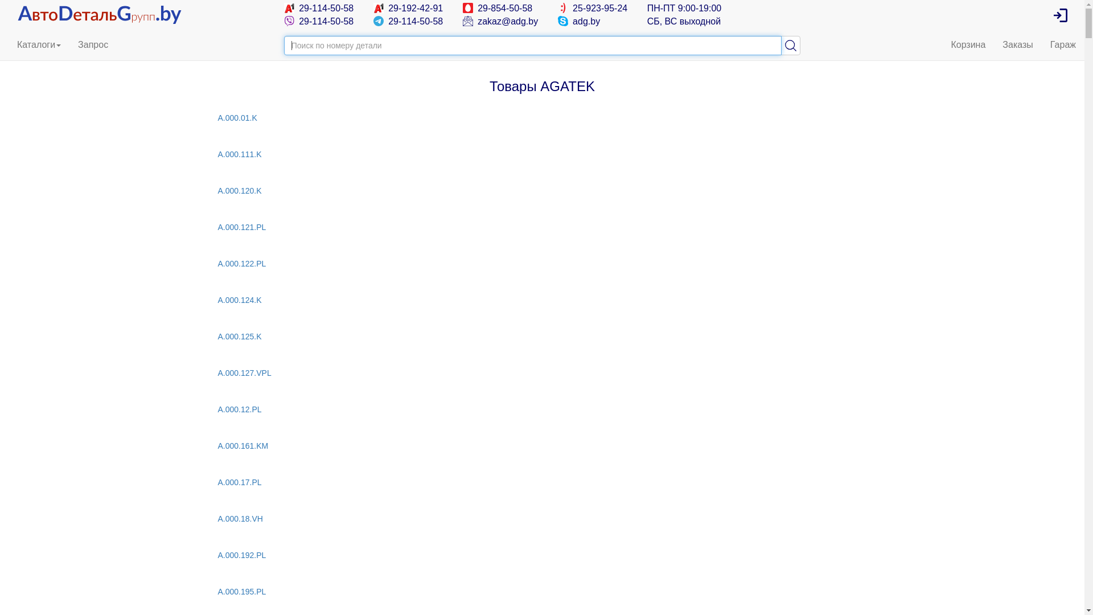 The width and height of the screenshot is (1093, 615). I want to click on 'A.000.195.PL', so click(541, 591).